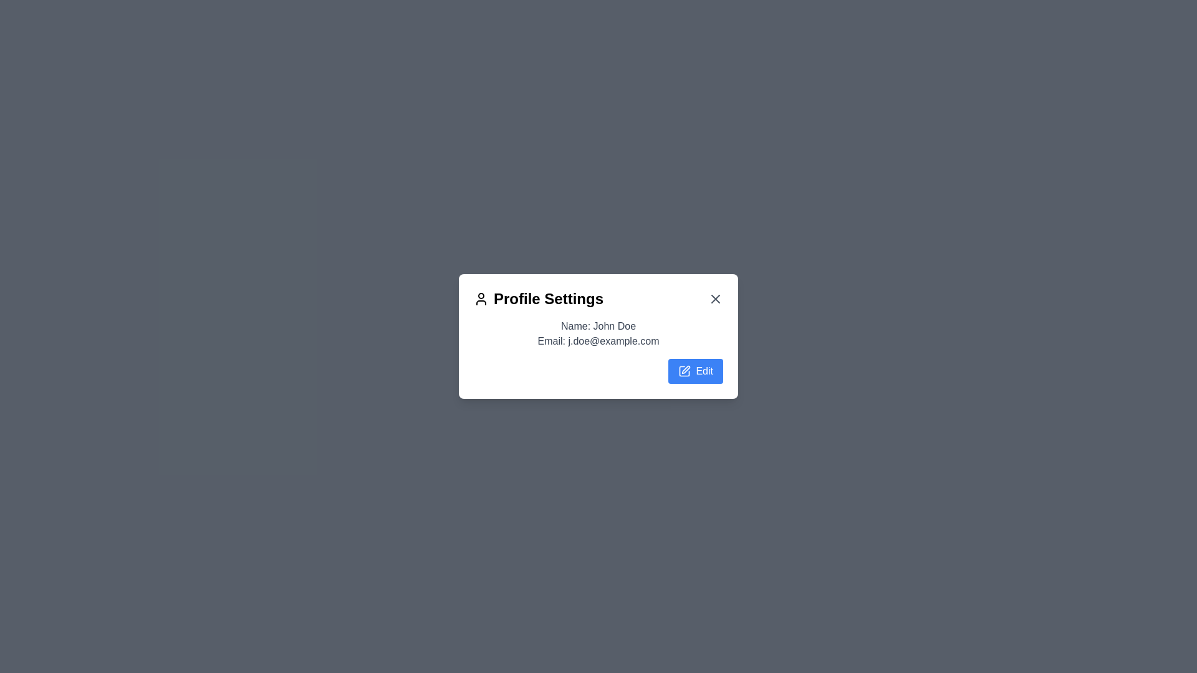  Describe the element at coordinates (695, 371) in the screenshot. I see `the blue rectangular 'Edit' button with a pen icon on the left in the 'Profile Settings' modal to change its background color` at that location.